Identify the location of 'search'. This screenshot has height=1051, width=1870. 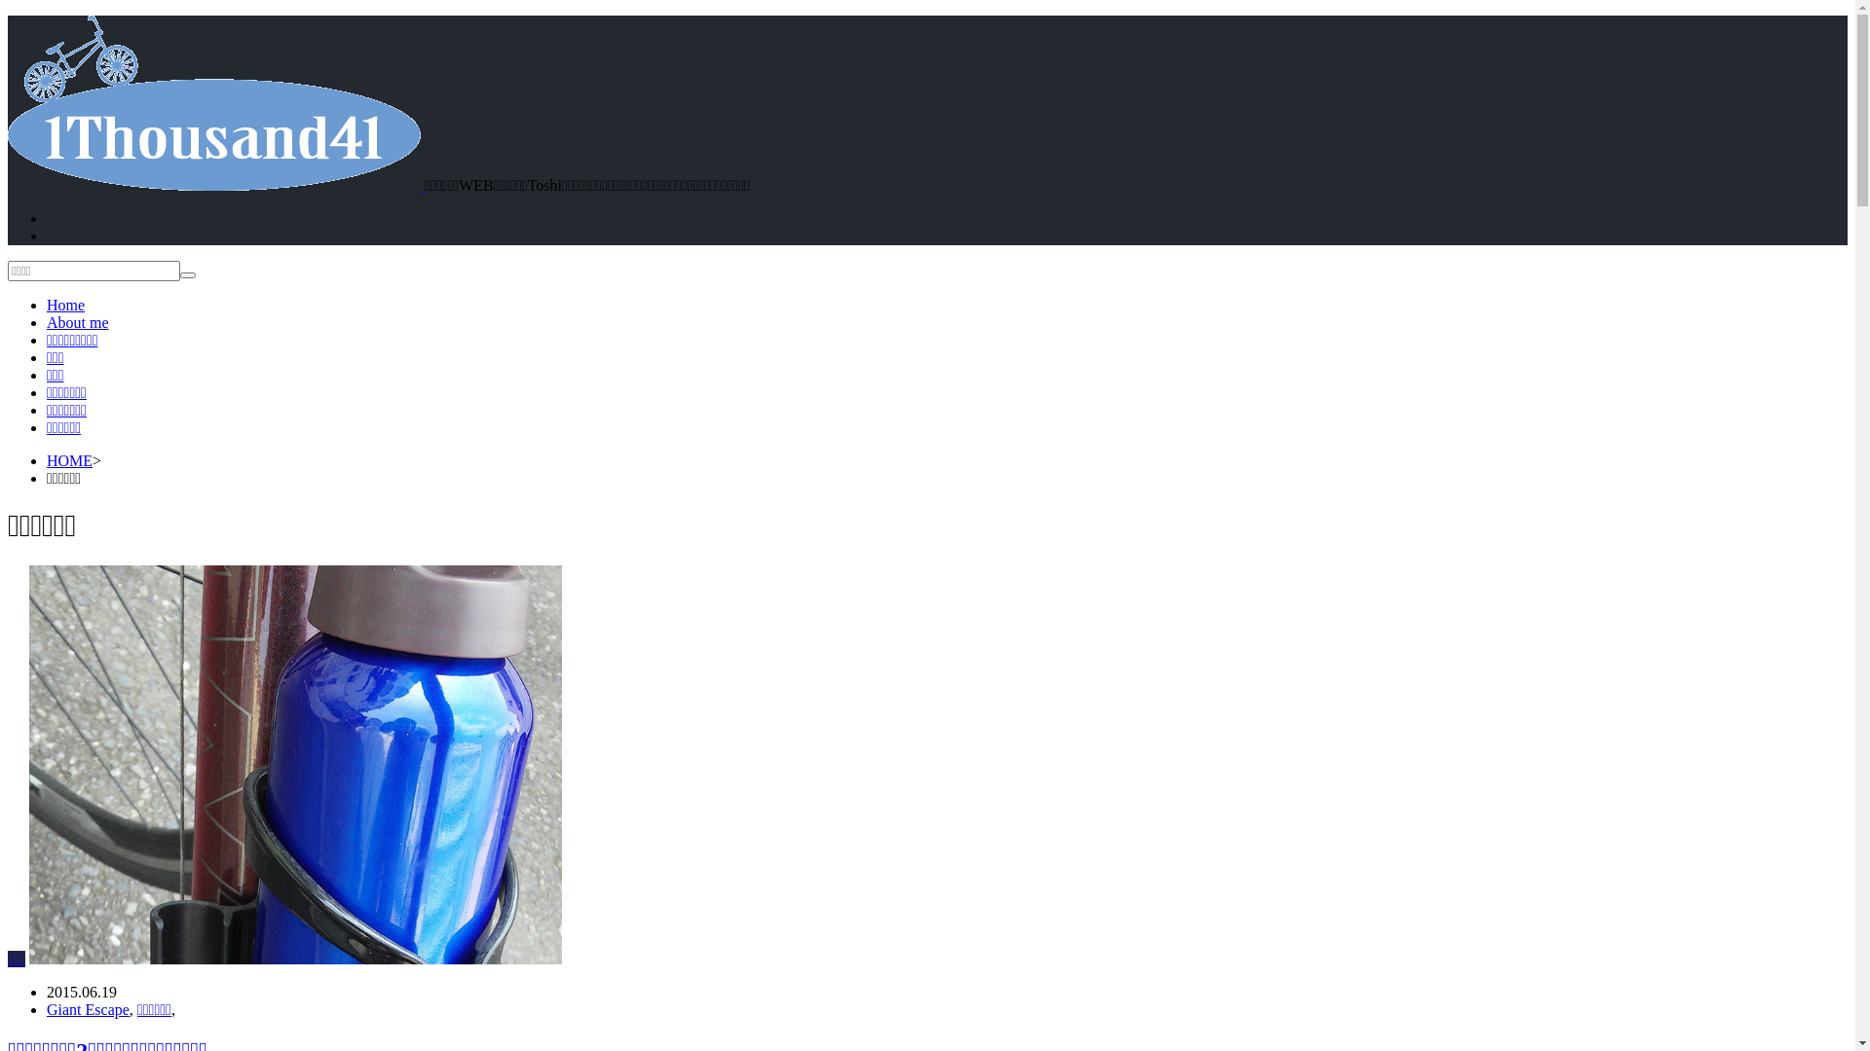
(187, 274).